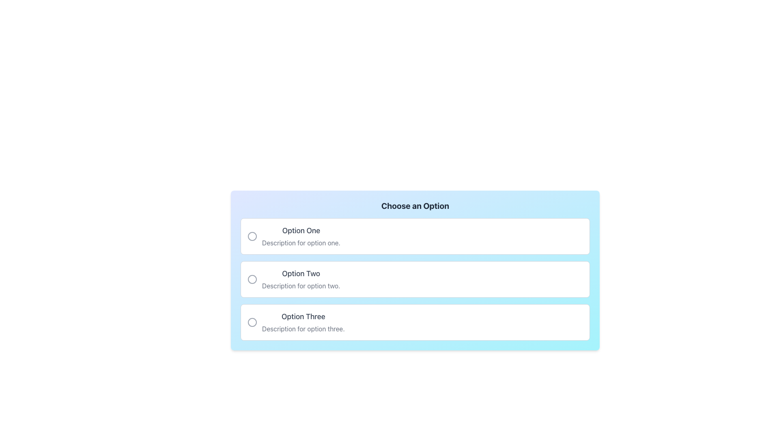 This screenshot has height=438, width=779. Describe the element at coordinates (303, 322) in the screenshot. I see `the third selectable option in the vertical list located below 'Option Two'` at that location.